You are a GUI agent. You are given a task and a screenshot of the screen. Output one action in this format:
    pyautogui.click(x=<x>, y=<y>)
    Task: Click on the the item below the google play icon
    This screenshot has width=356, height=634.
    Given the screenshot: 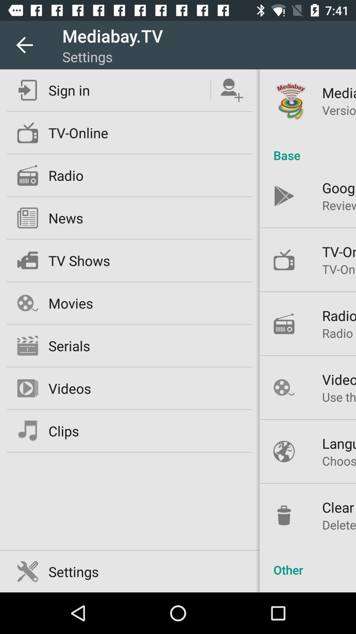 What is the action you would take?
    pyautogui.click(x=339, y=205)
    